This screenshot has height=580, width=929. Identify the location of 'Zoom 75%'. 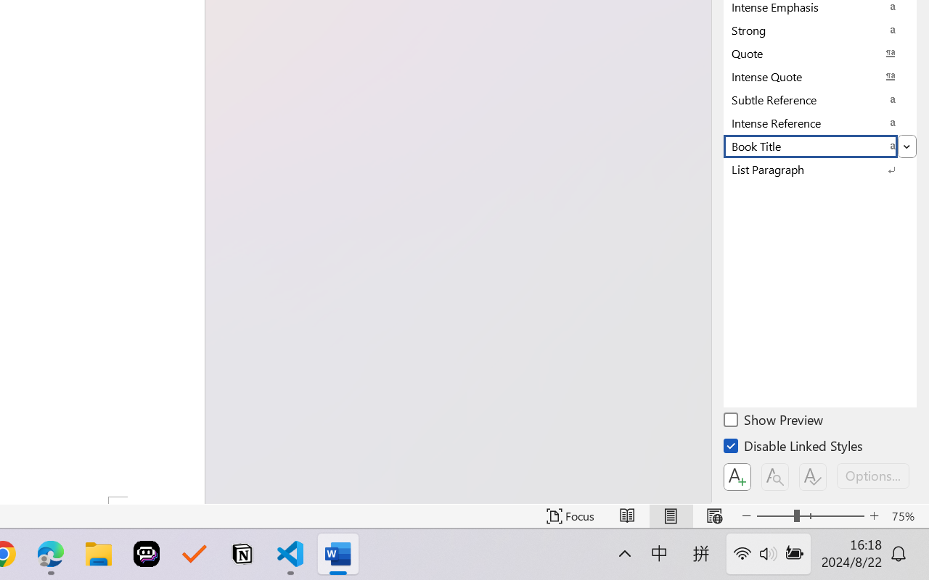
(906, 515).